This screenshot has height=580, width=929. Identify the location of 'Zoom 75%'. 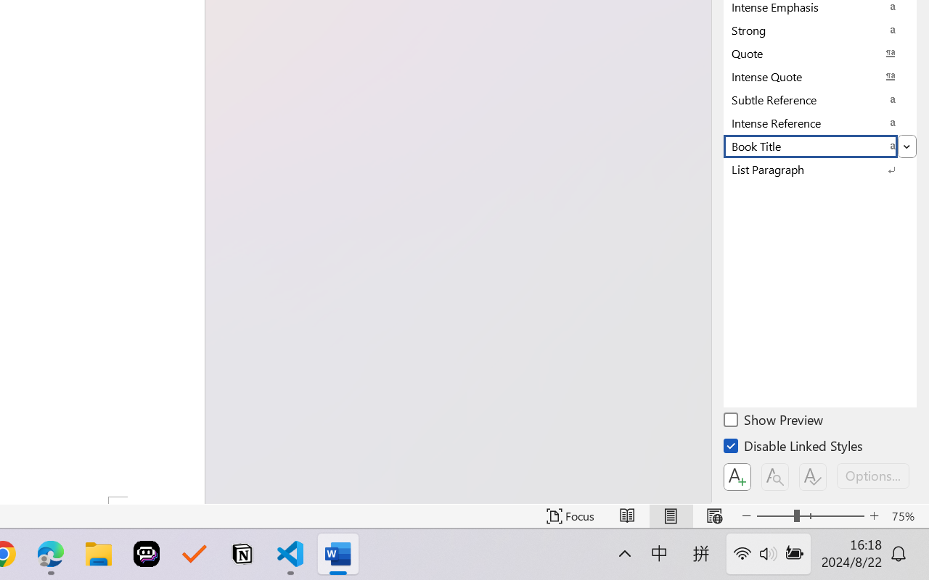
(906, 515).